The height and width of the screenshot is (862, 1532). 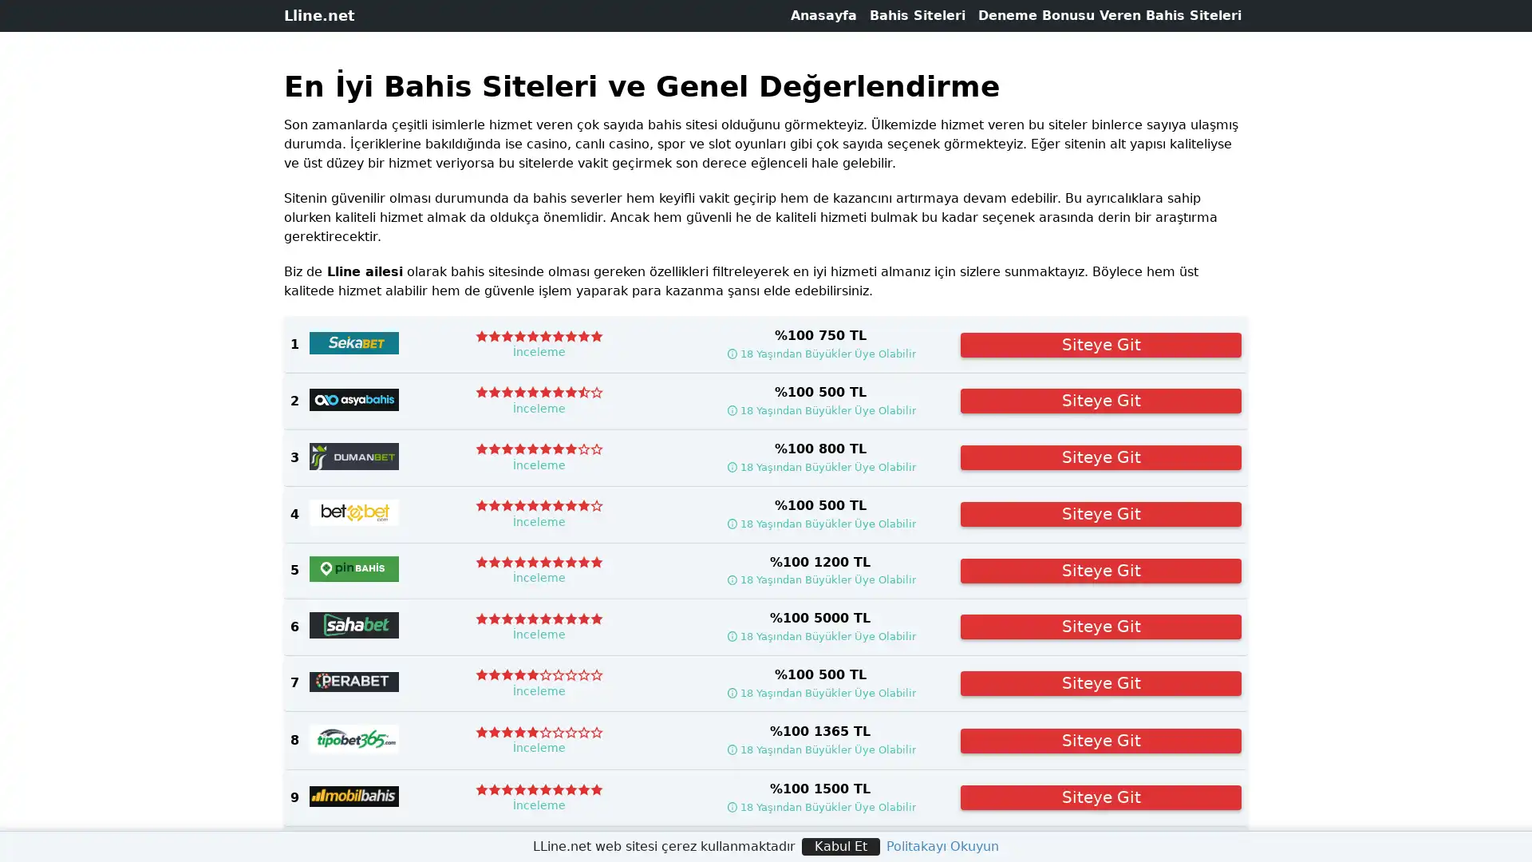 What do you see at coordinates (819, 409) in the screenshot?
I see `Load terms and conditions` at bounding box center [819, 409].